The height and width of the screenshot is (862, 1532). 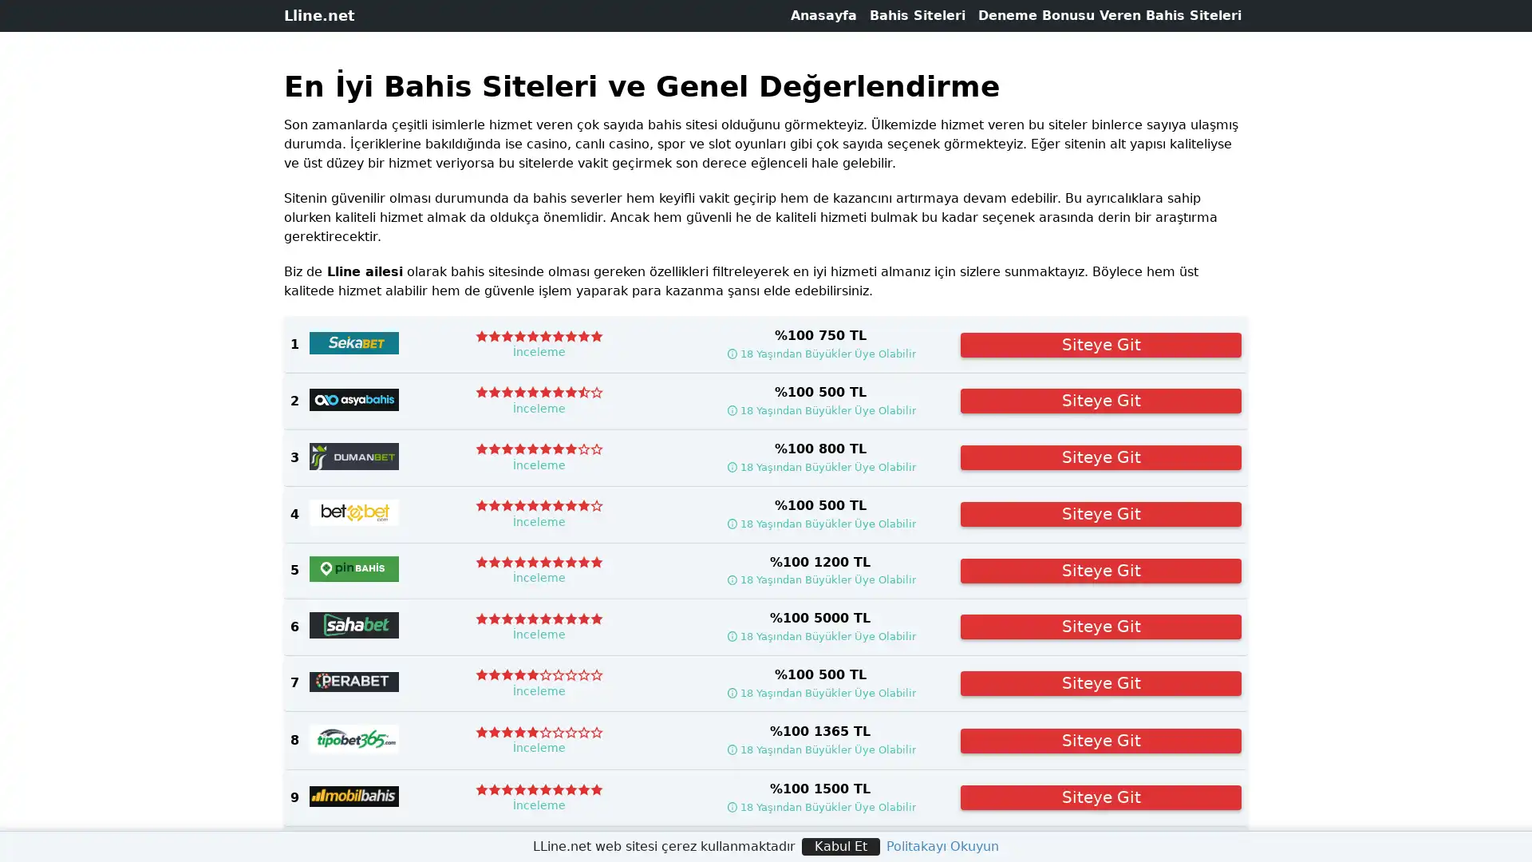 What do you see at coordinates (819, 409) in the screenshot?
I see `Load terms and conditions` at bounding box center [819, 409].